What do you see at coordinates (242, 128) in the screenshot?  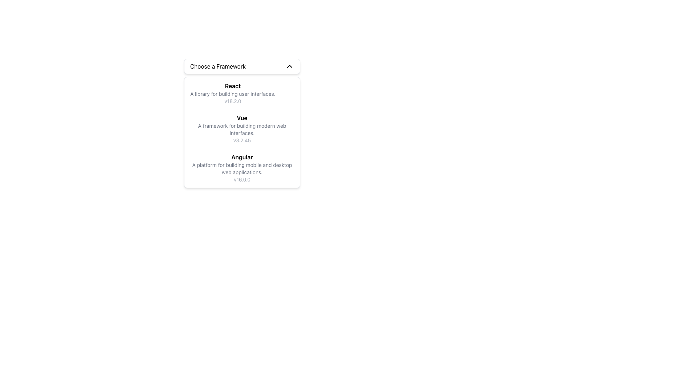 I see `the center of the selectable list item titled 'Vue', which is the second item in a list of frameworks` at bounding box center [242, 128].